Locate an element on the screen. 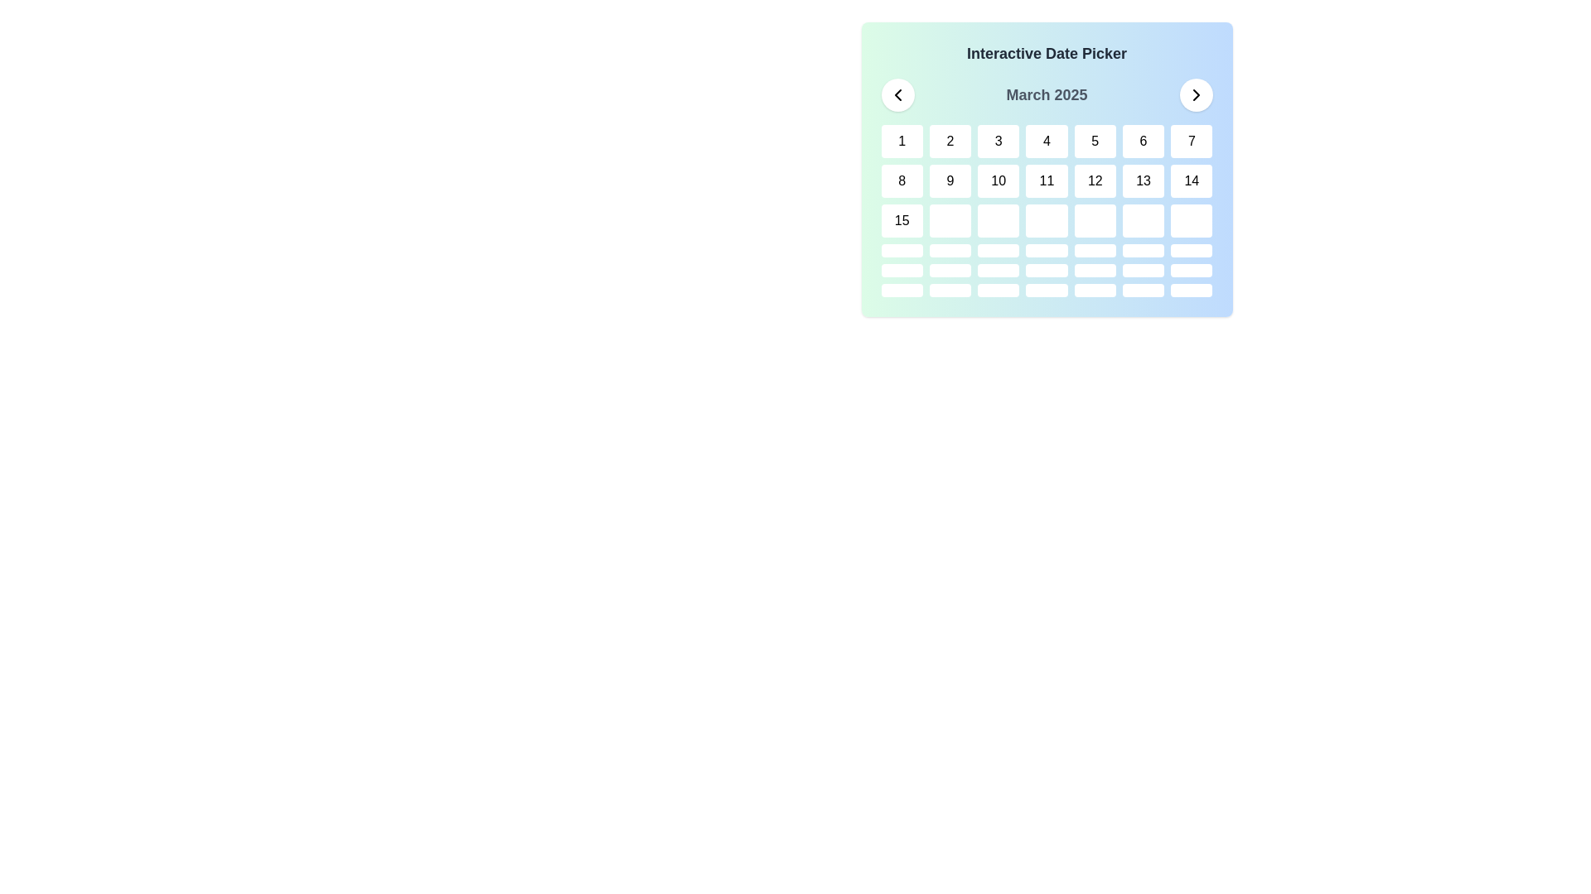 Image resolution: width=1591 pixels, height=894 pixels. the button labeled '7' with a white background and rounded border is located at coordinates (1191, 140).